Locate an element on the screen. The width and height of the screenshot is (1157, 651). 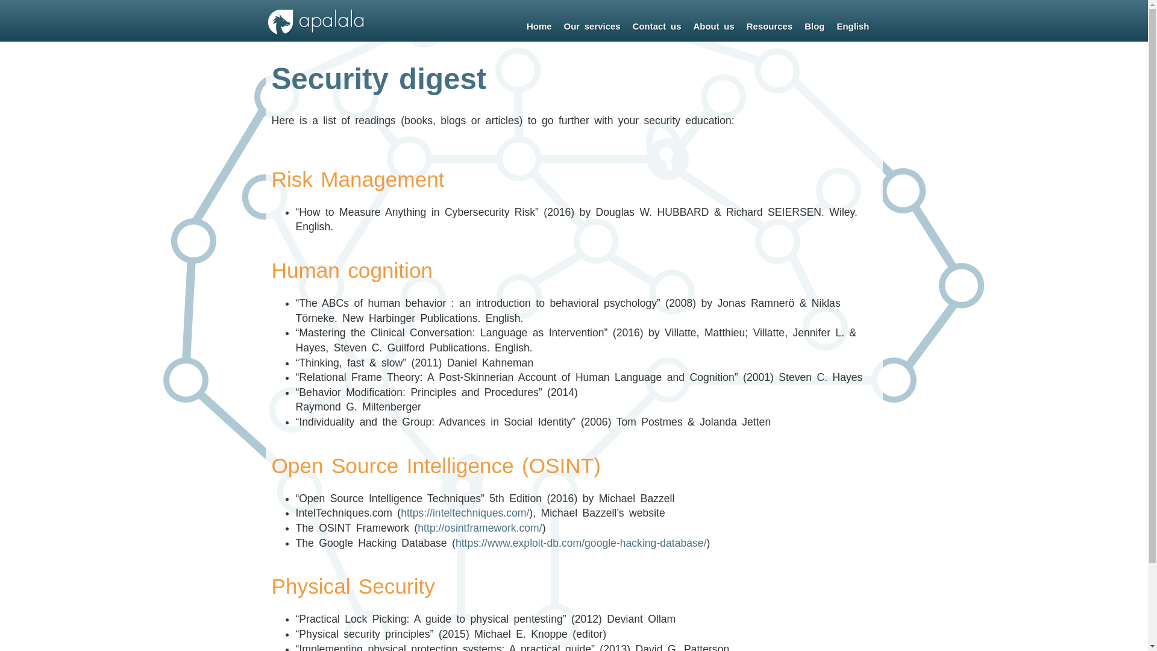
'Contact us' is located at coordinates (656, 27).